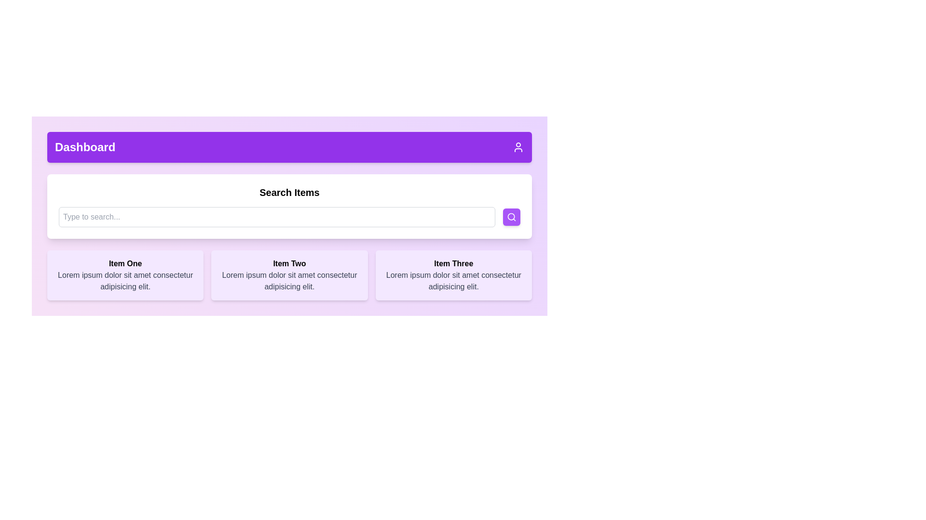  Describe the element at coordinates (289, 263) in the screenshot. I see `the bold-styled static text labeled 'Item Two' located in the central card of a horizontally displayed group of three cards within a purple-themed UI` at that location.